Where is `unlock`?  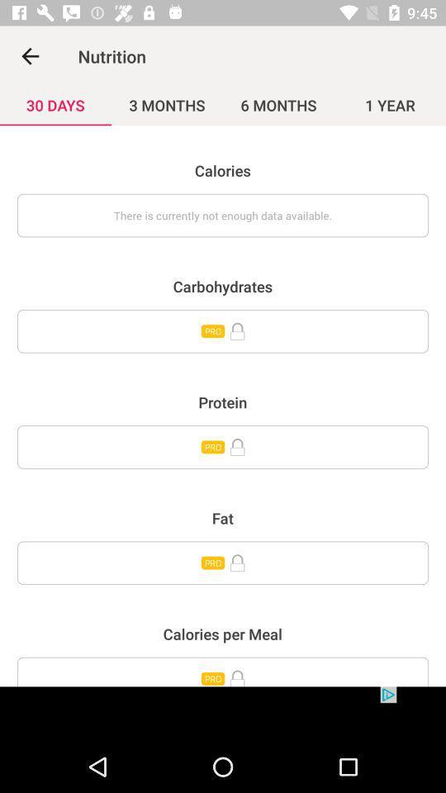 unlock is located at coordinates (223, 563).